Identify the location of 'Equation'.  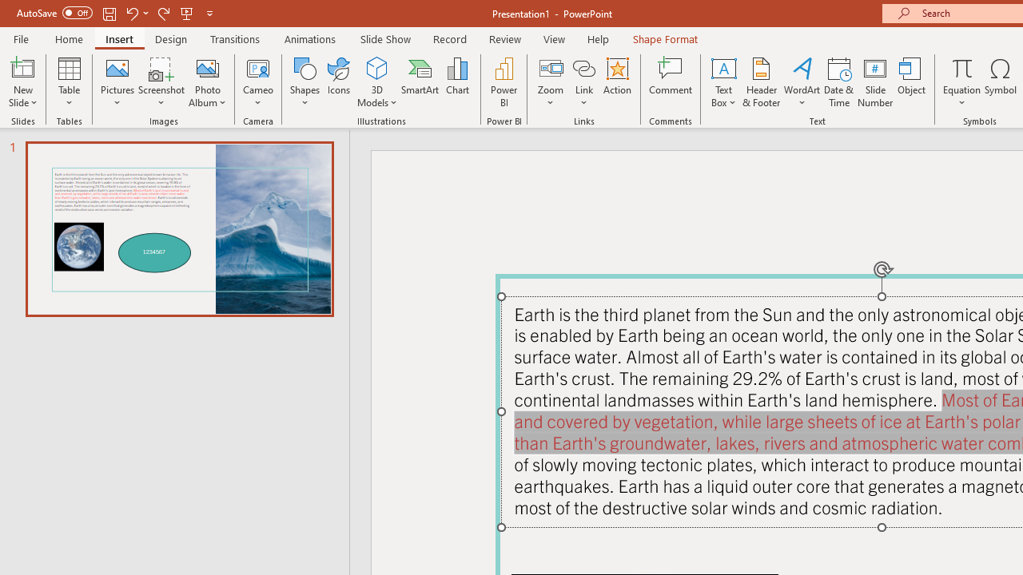
(961, 82).